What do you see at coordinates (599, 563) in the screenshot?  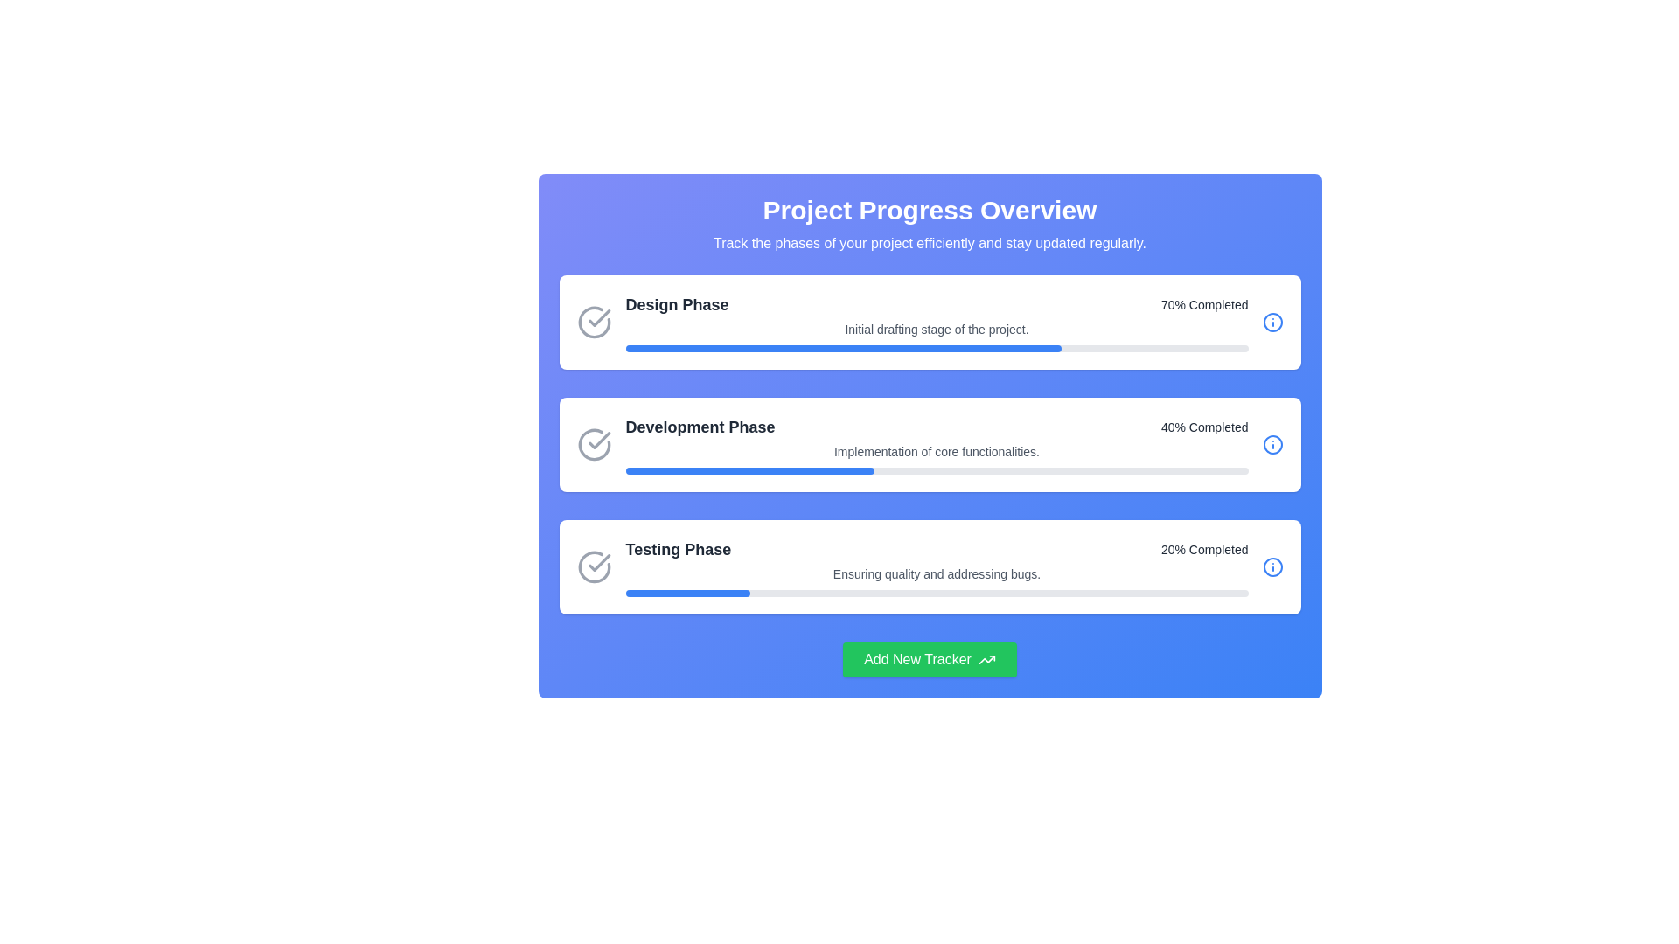 I see `the Icon (Checkmark within a Circle) located in the 'Testing Phase' progress tracker panel, positioned towards the left side of the panel` at bounding box center [599, 563].